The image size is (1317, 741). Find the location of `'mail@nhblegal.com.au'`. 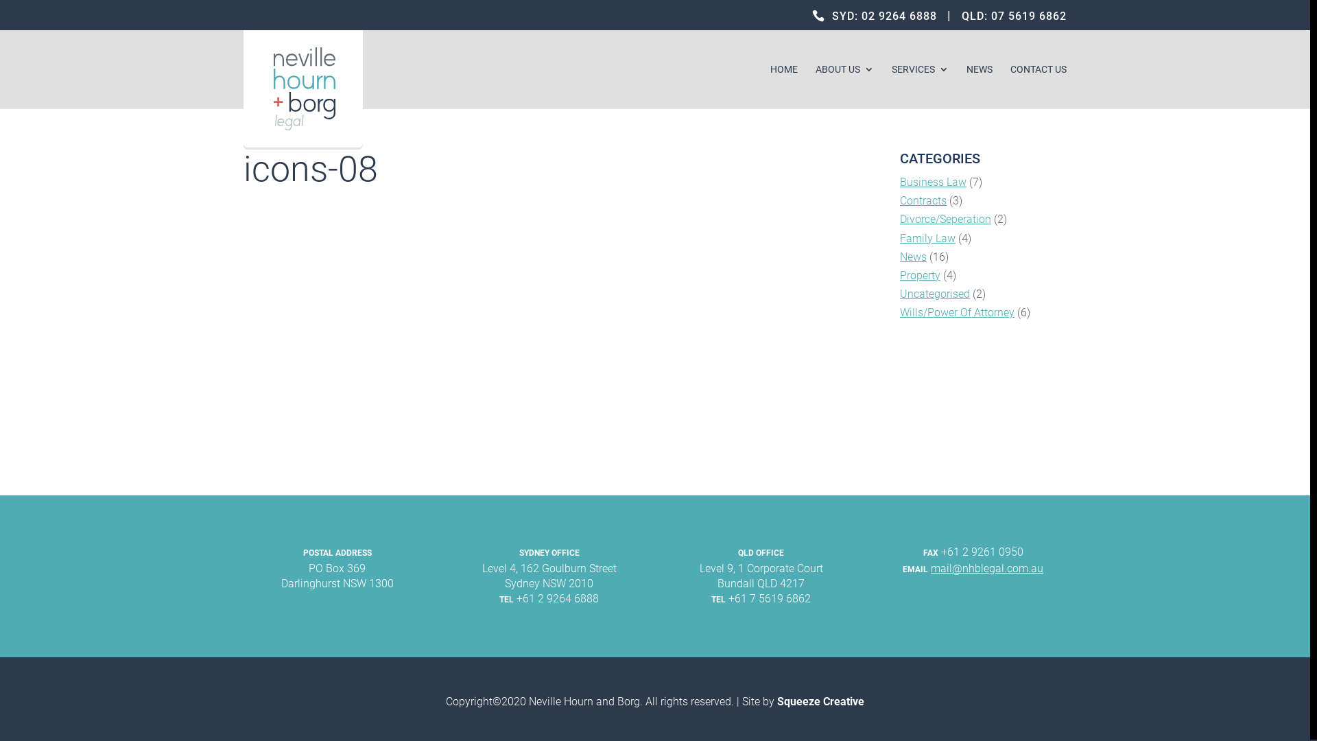

'mail@nhblegal.com.au' is located at coordinates (986, 568).